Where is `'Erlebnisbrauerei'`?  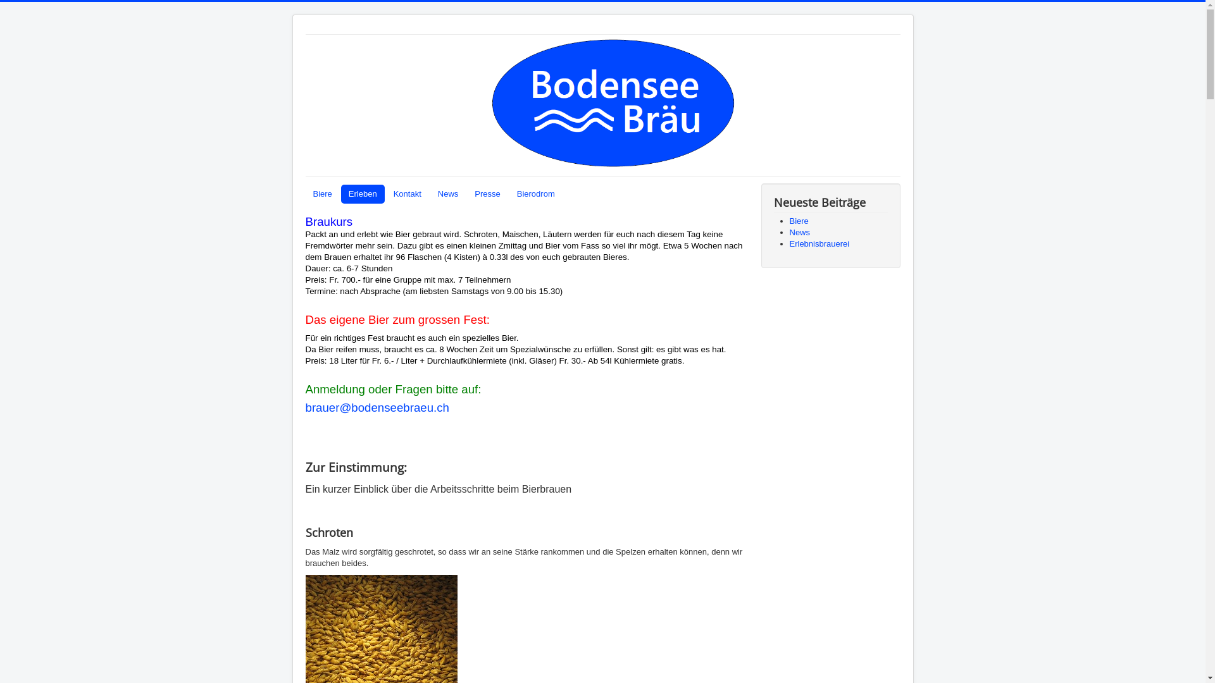 'Erlebnisbrauerei' is located at coordinates (819, 243).